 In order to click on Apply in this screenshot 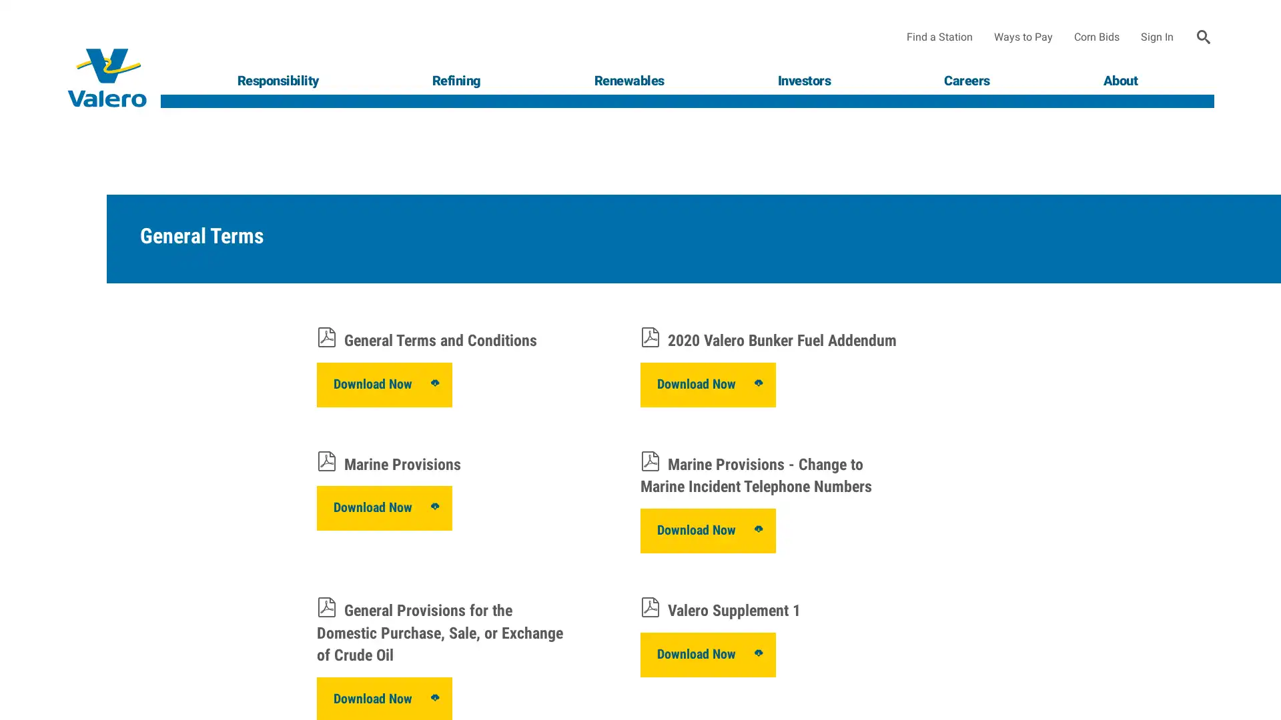, I will do `click(1204, 37)`.